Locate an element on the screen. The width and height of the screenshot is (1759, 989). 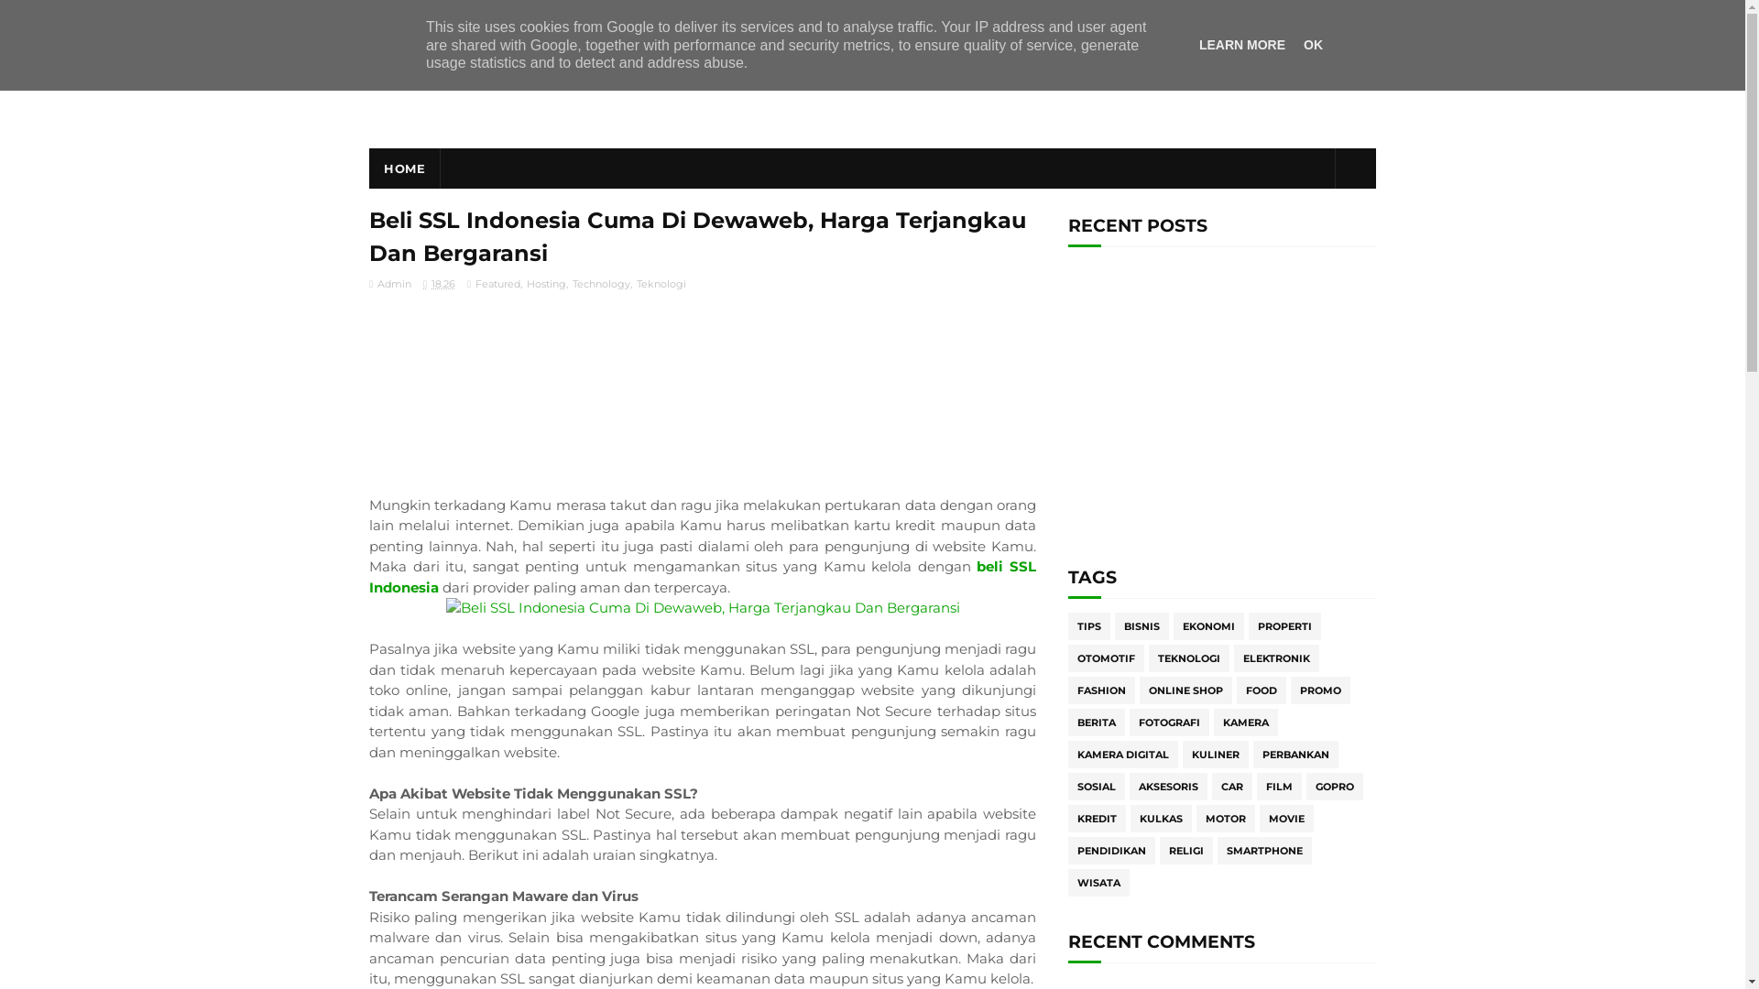
'RELIGI' is located at coordinates (1186, 851).